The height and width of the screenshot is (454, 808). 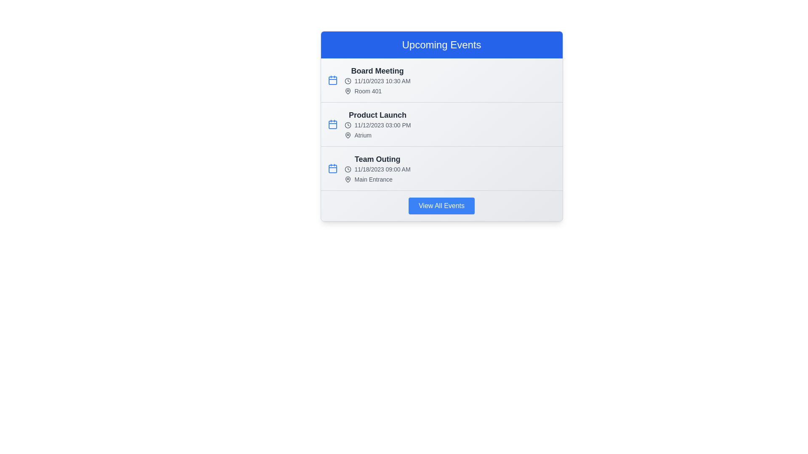 What do you see at coordinates (441, 169) in the screenshot?
I see `the third event item in the vertical list, which contains the event's title, date, time, and location information` at bounding box center [441, 169].